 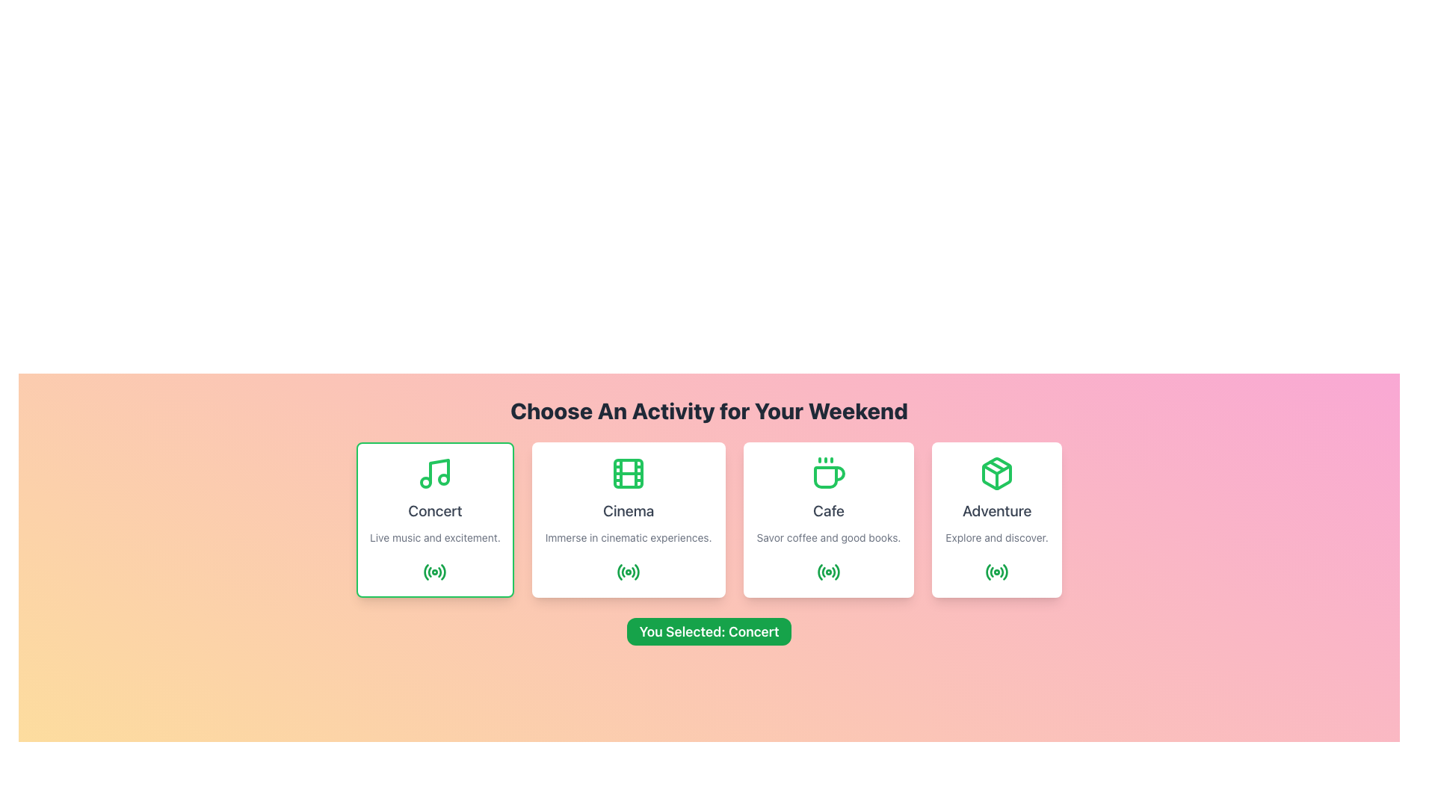 I want to click on the green circular icon symbolizing a radio or broadcast signal located in the bottom portion of the 'Adventure' card, centered below the text 'Explore and discover.', so click(x=997, y=572).